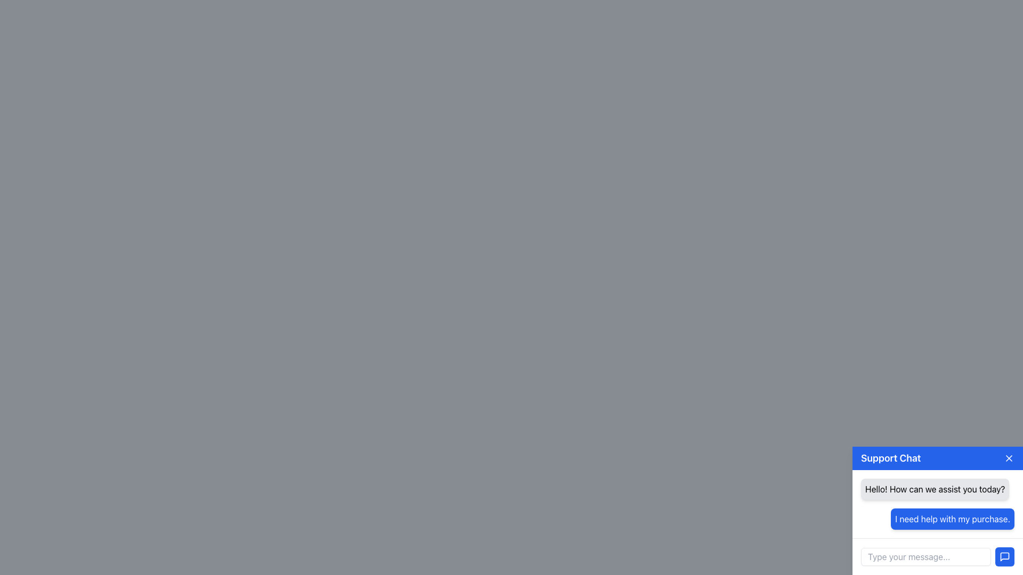  I want to click on the close button shaped as a close icon located in the top-right corner of the 'Support Chat' header, so click(1009, 457).